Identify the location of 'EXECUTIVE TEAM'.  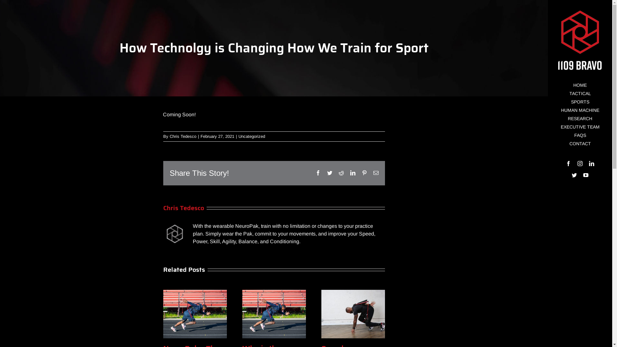
(580, 127).